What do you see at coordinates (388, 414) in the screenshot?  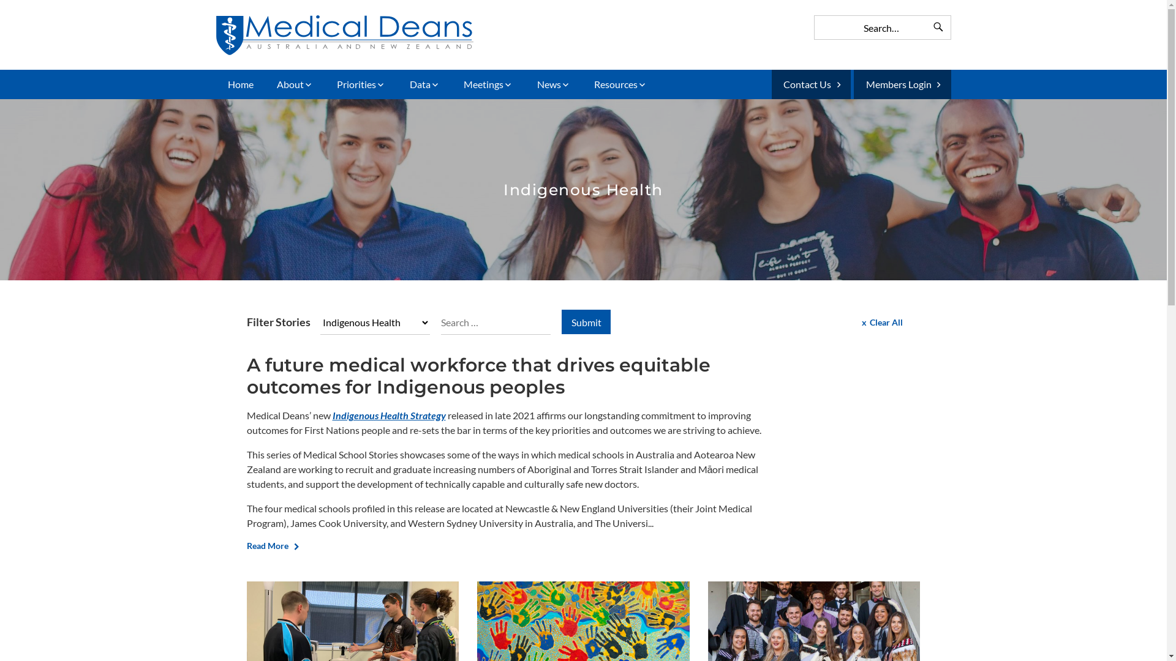 I see `'Indigenous Health Strategy'` at bounding box center [388, 414].